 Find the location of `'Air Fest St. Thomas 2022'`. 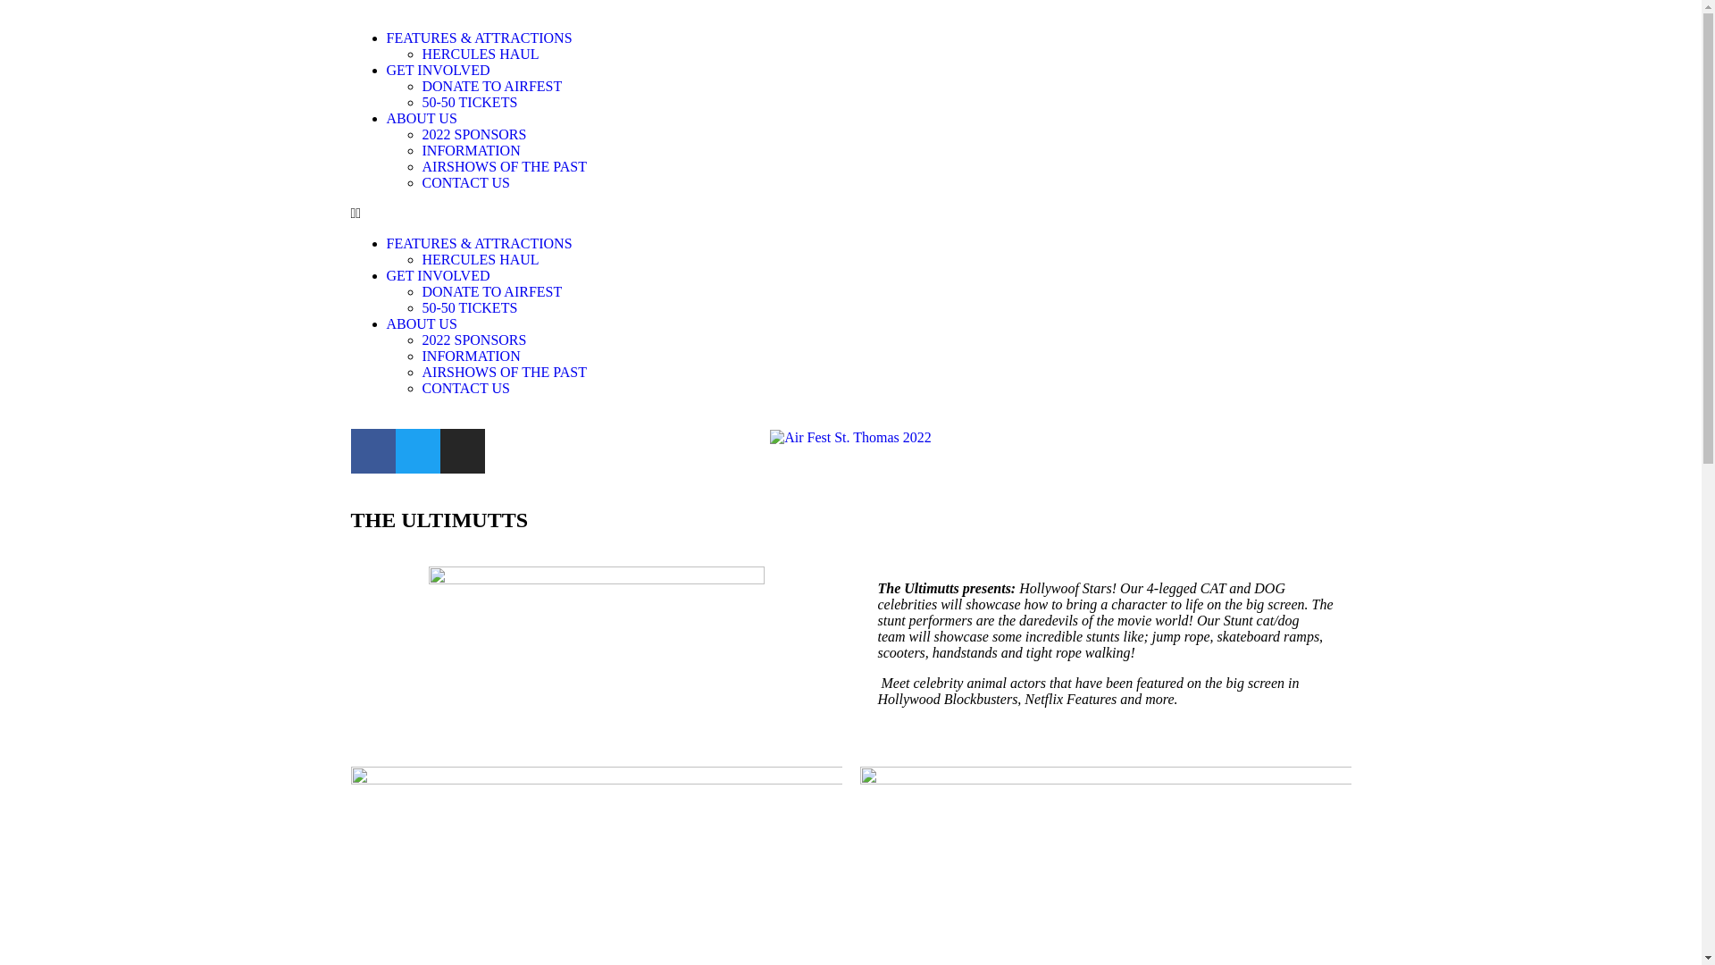

'Air Fest St. Thomas 2022' is located at coordinates (849, 437).